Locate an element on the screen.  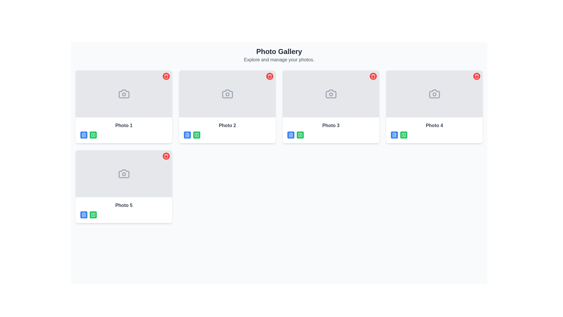
text displayed on the 'Photo 1' text label, which is styled in bold gray font and located below the thumbnail of the first photo card in the gallery is located at coordinates (123, 125).